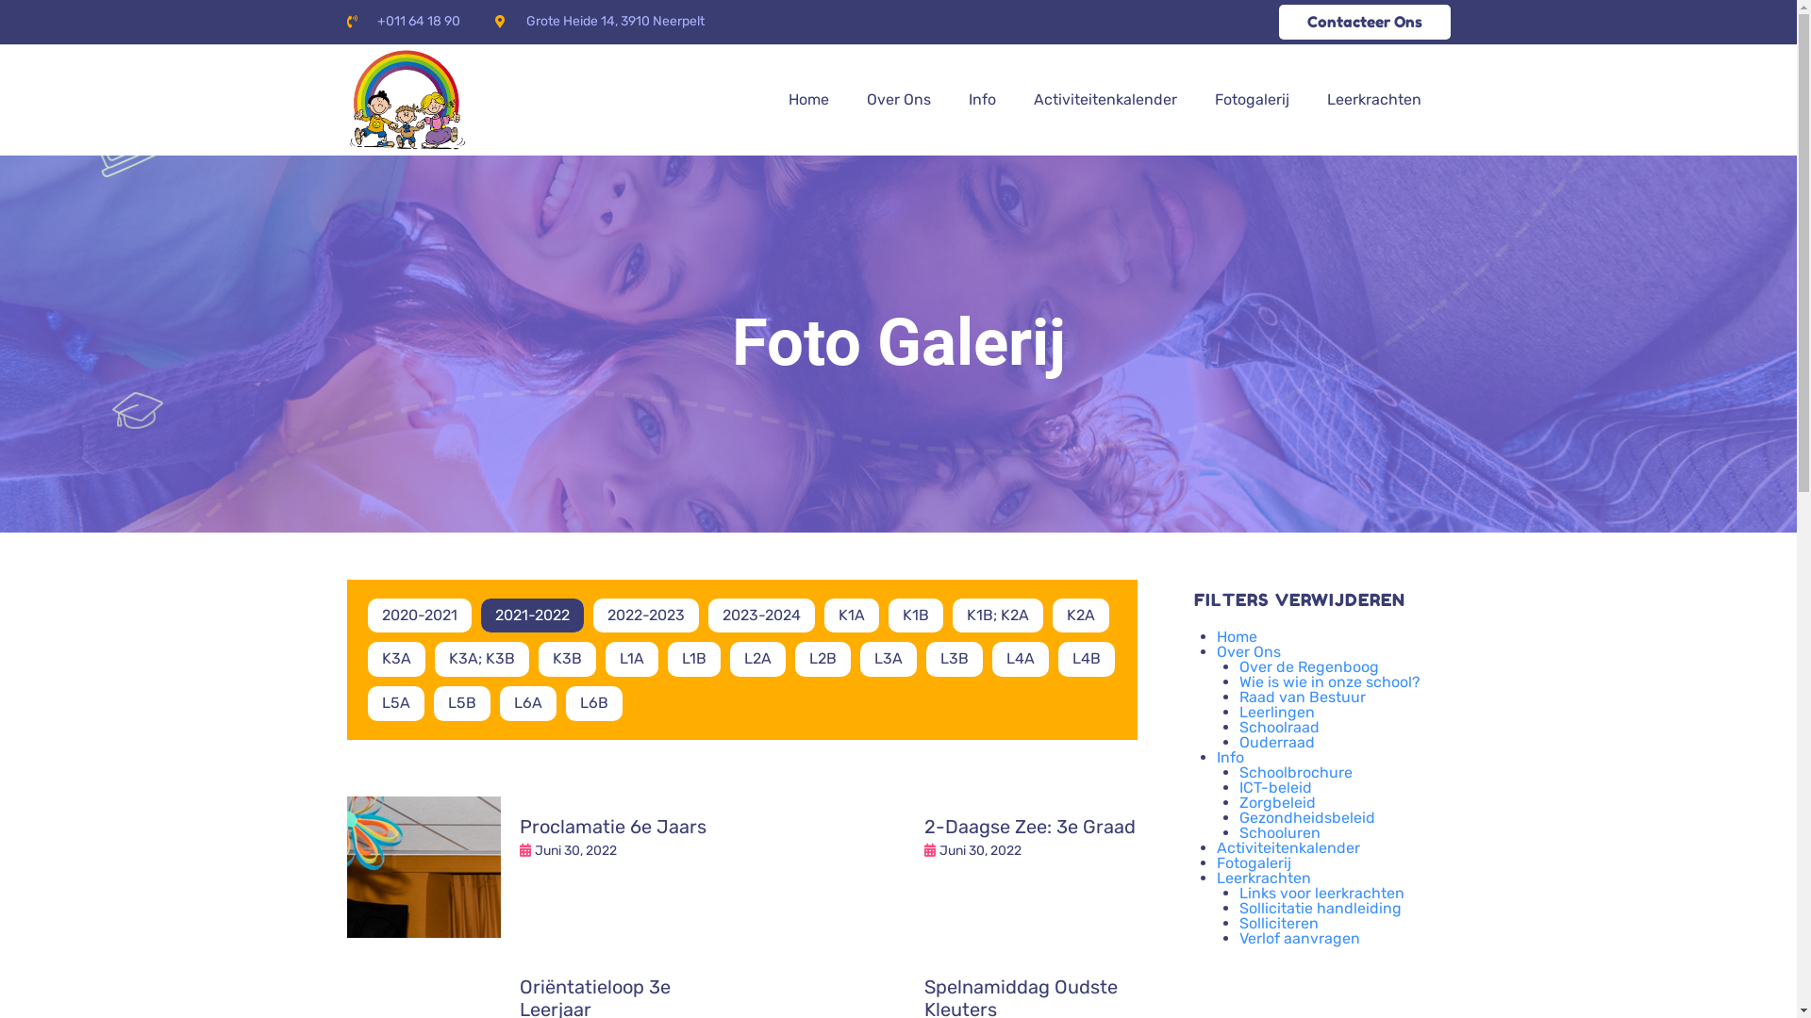 This screenshot has width=1811, height=1018. What do you see at coordinates (980, 850) in the screenshot?
I see `'Juni 30, 2022'` at bounding box center [980, 850].